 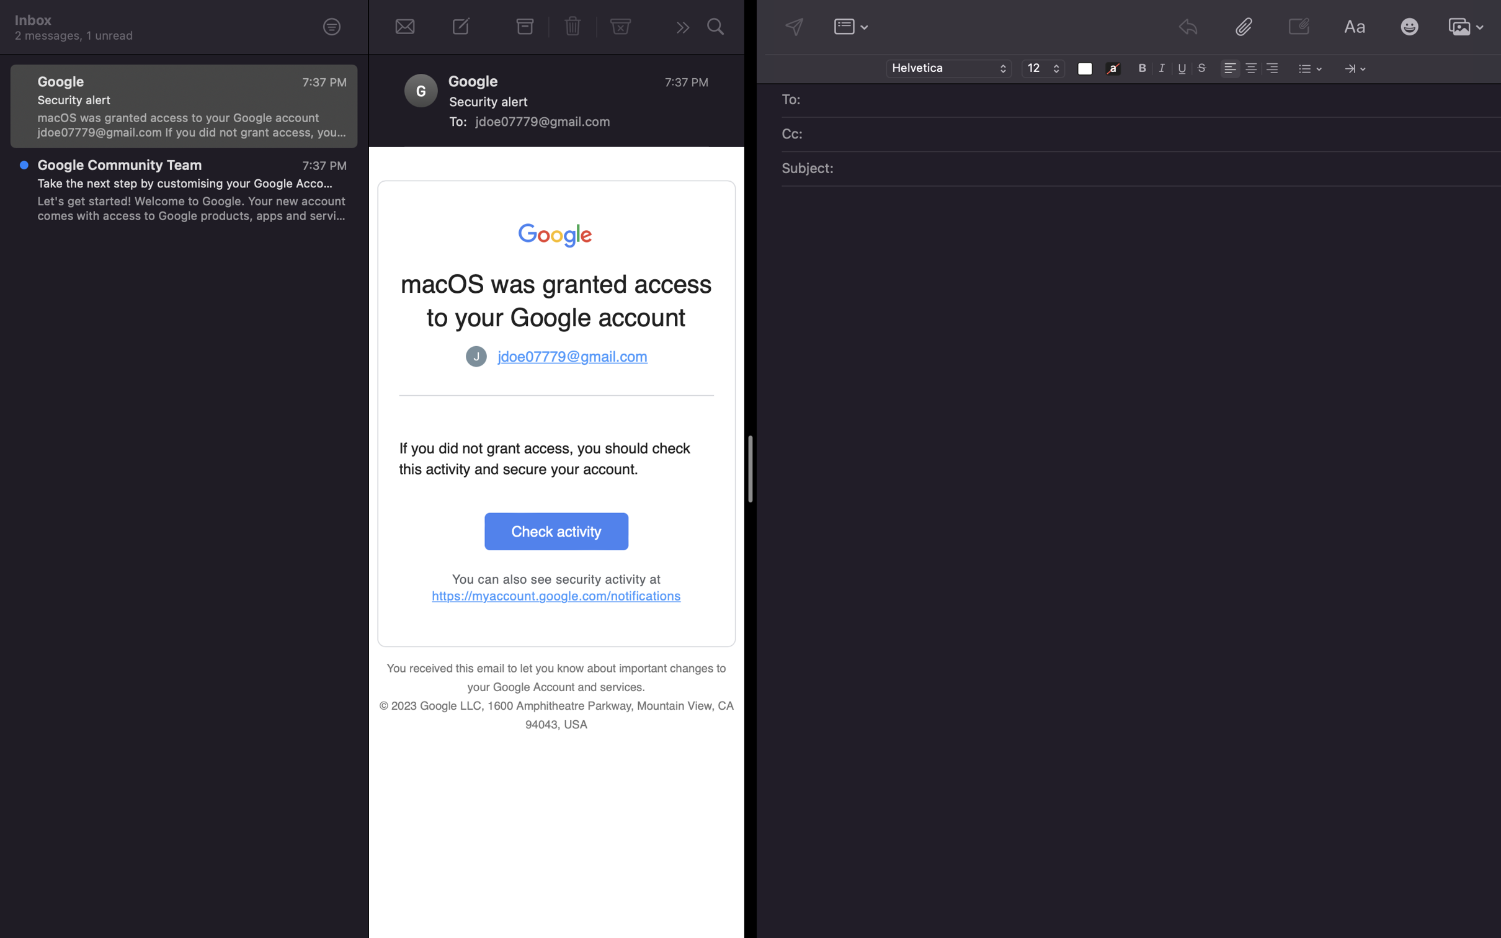 I want to click on Add recipient of mail as "jane@gmail.com, so click(x=1150, y=100).